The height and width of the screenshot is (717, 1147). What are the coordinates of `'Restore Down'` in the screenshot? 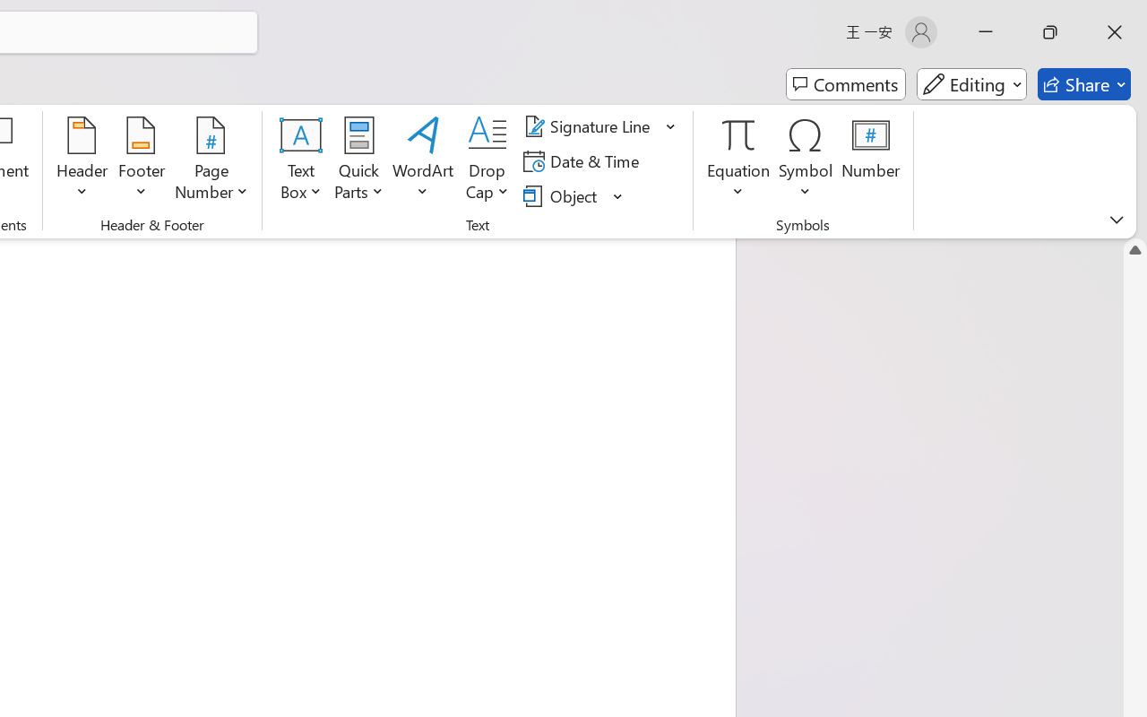 It's located at (1050, 31).